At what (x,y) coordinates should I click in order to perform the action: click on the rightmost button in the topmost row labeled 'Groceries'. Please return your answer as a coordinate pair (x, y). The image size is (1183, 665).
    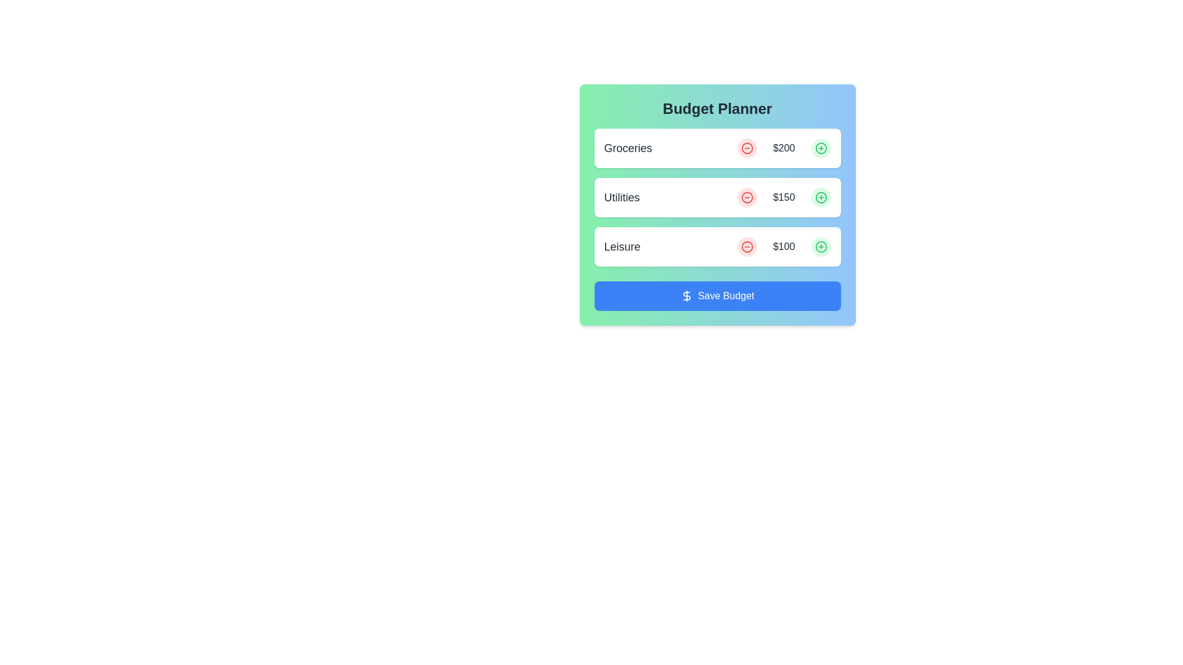
    Looking at the image, I should click on (821, 147).